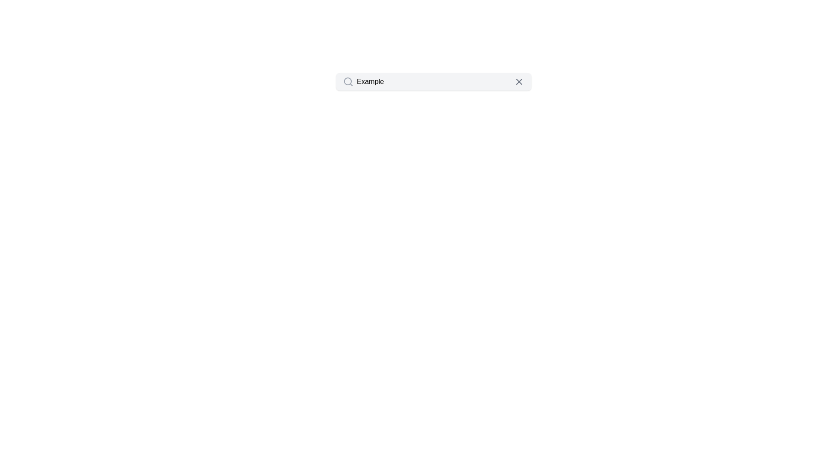 This screenshot has height=470, width=837. I want to click on the search function icon located at the leftmost side of the search bar component, so click(347, 82).